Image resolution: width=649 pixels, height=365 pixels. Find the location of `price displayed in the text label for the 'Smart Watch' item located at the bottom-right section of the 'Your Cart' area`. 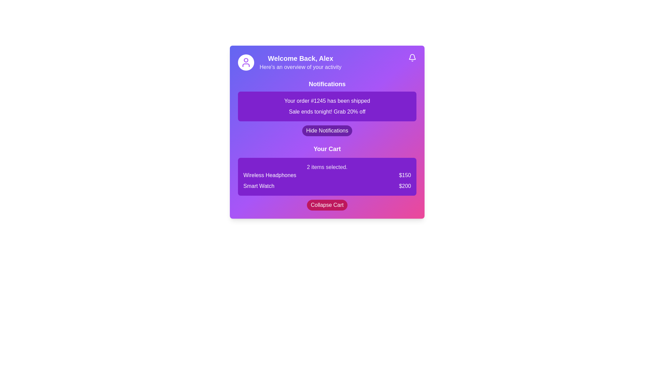

price displayed in the text label for the 'Smart Watch' item located at the bottom-right section of the 'Your Cart' area is located at coordinates (405, 186).